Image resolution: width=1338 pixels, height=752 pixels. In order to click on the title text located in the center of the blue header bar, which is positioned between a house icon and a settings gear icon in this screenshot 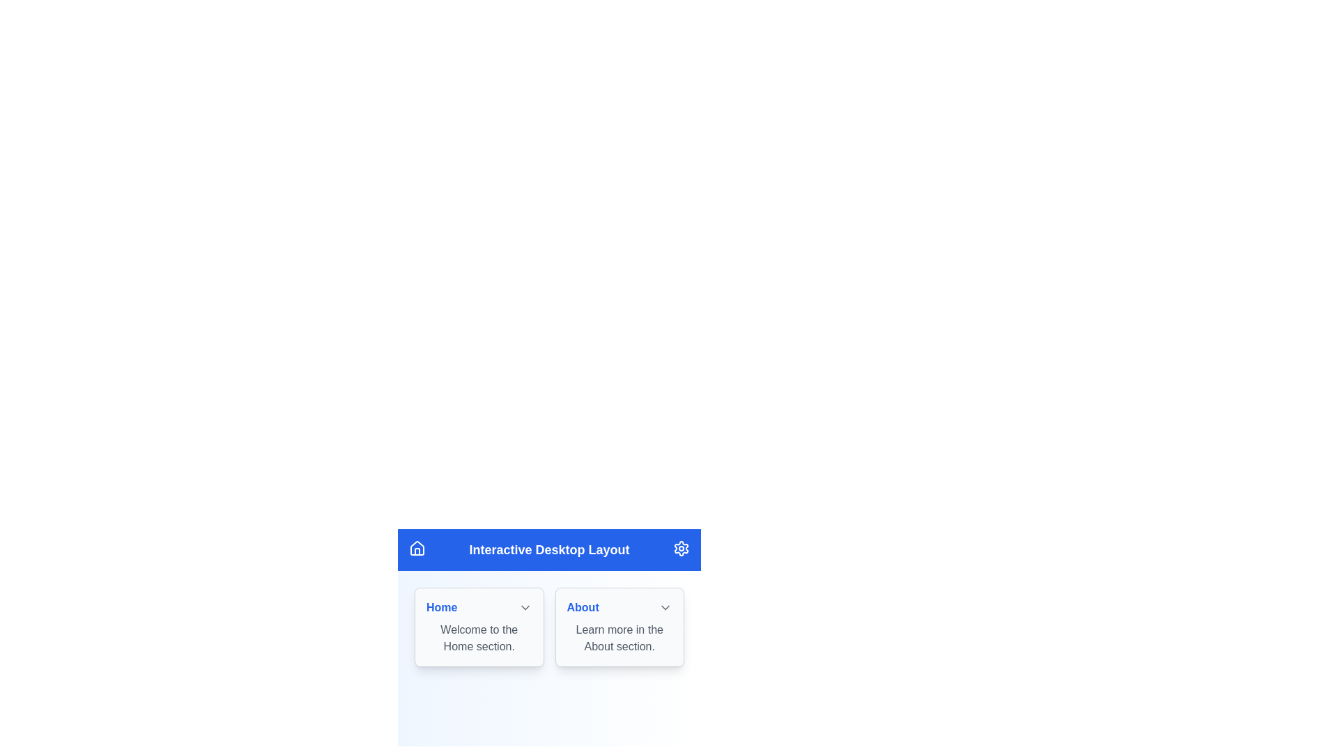, I will do `click(548, 549)`.